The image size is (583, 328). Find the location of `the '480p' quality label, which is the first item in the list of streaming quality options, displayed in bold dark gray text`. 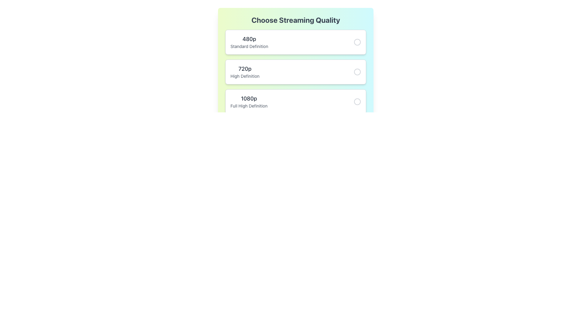

the '480p' quality label, which is the first item in the list of streaming quality options, displayed in bold dark gray text is located at coordinates (249, 39).